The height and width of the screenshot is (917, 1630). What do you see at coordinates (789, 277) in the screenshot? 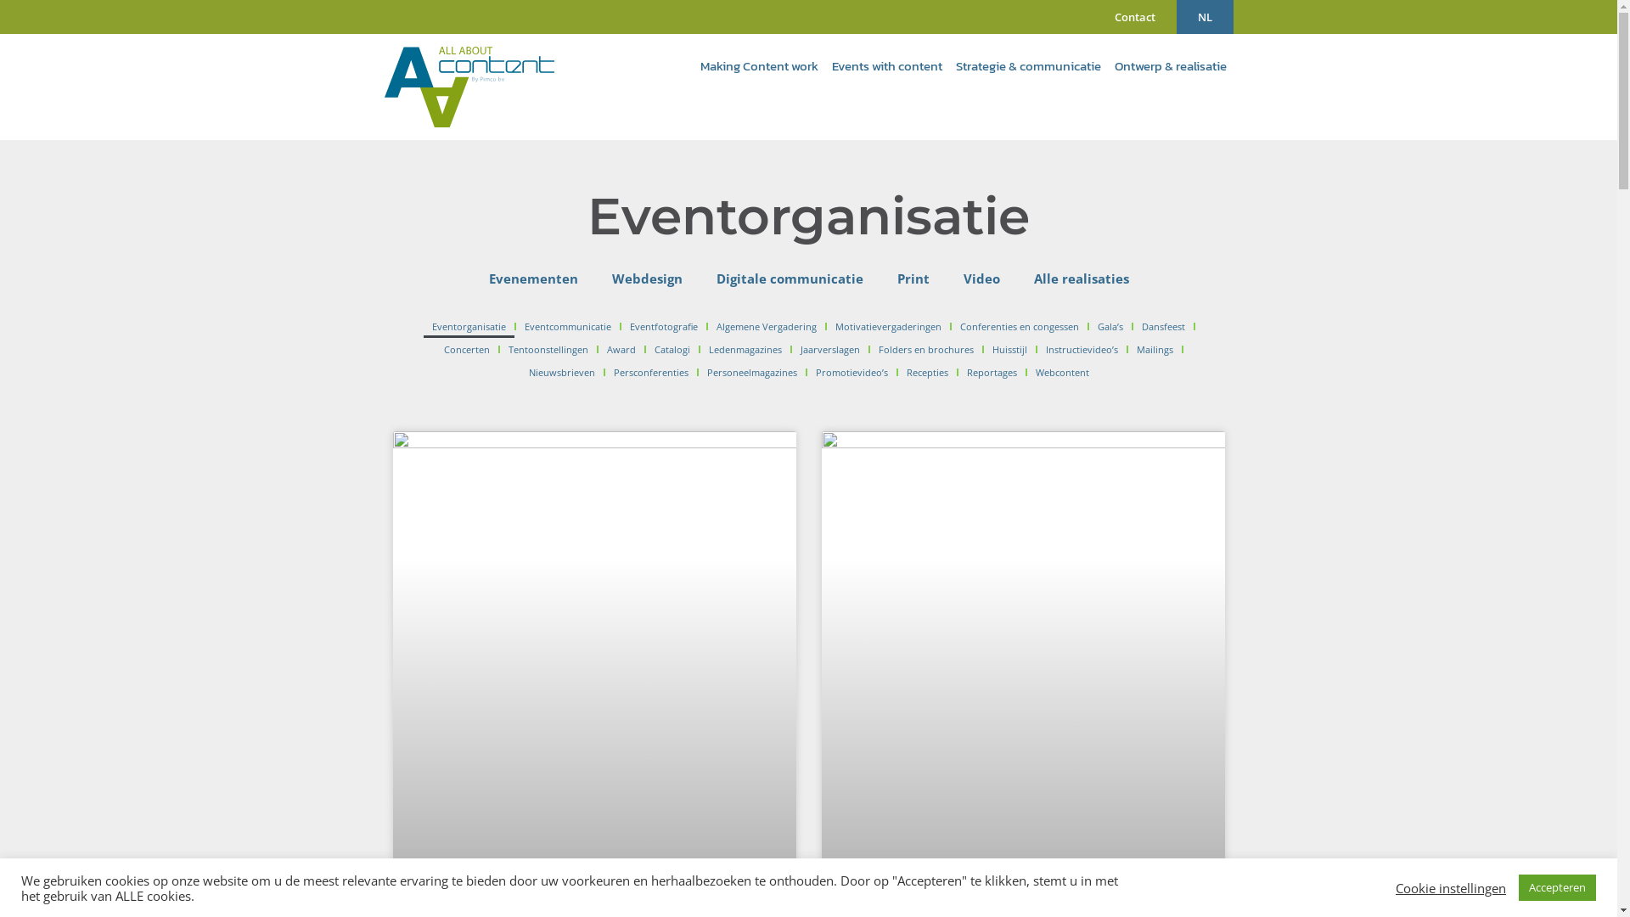
I see `'Digitale communicatie'` at bounding box center [789, 277].